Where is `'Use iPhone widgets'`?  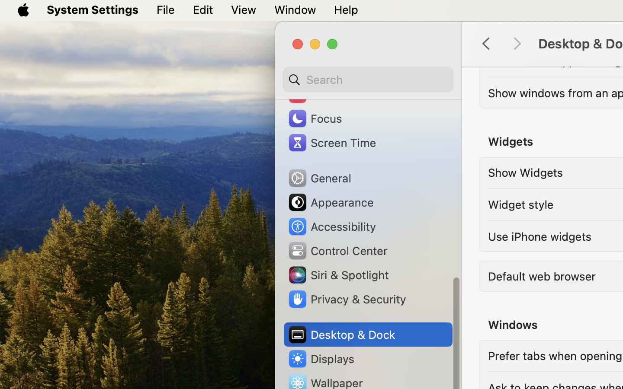
'Use iPhone widgets' is located at coordinates (540, 236).